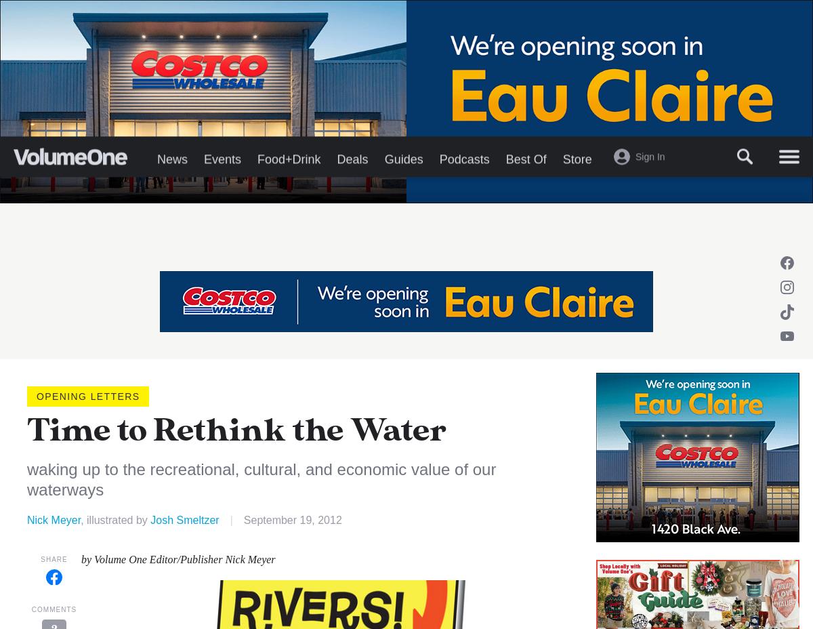 This screenshot has width=813, height=629. I want to click on 'Sign In', so click(650, 222).